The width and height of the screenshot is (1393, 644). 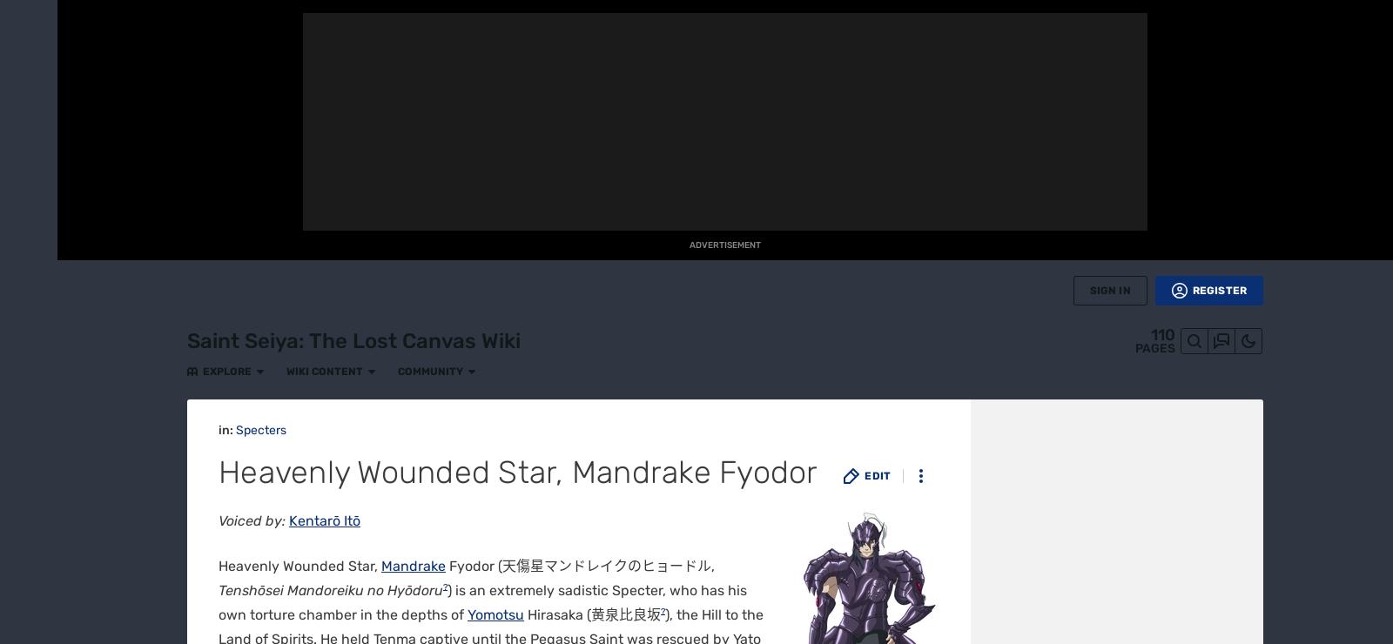 I want to click on 'Explore properties', so click(x=296, y=630).